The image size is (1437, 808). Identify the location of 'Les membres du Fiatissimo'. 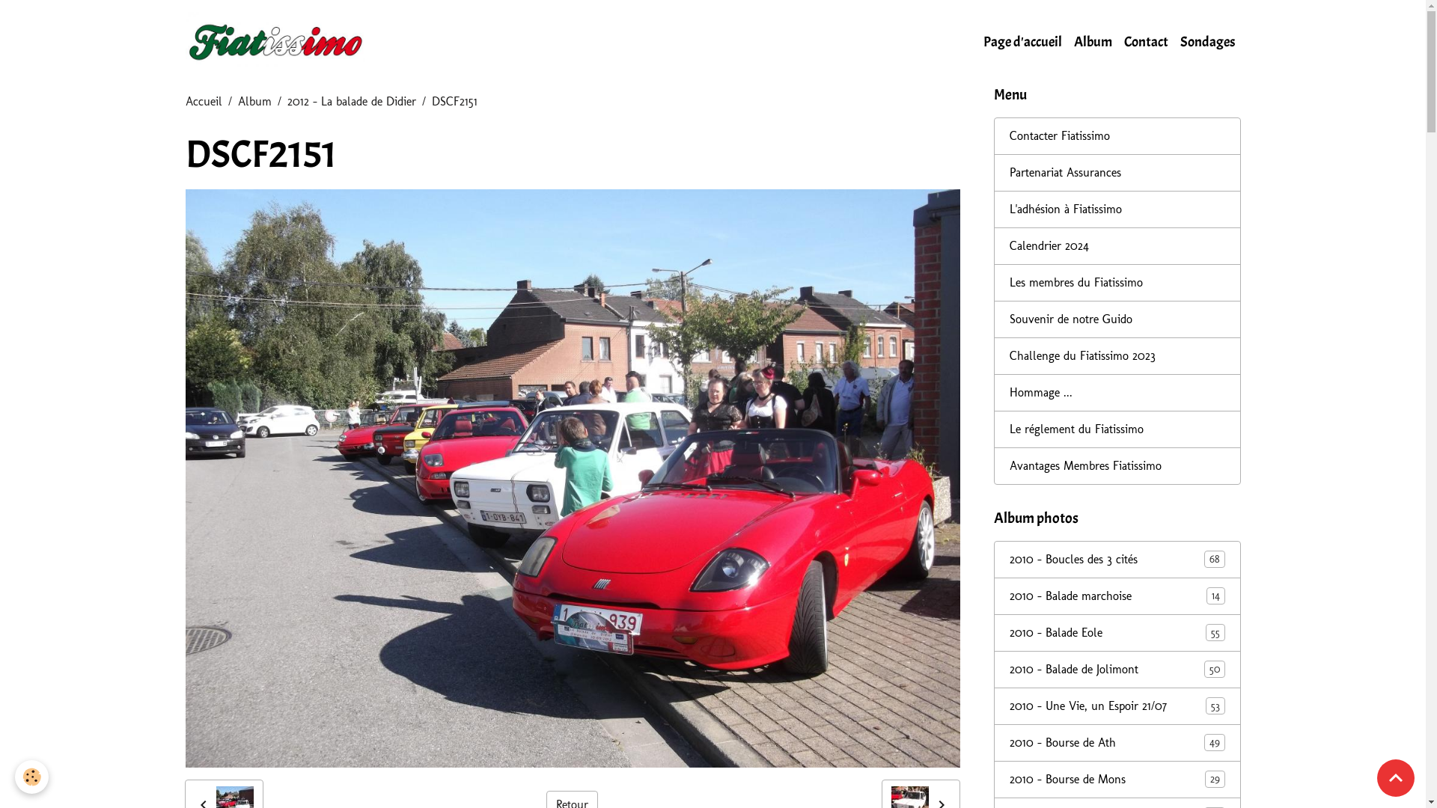
(1117, 283).